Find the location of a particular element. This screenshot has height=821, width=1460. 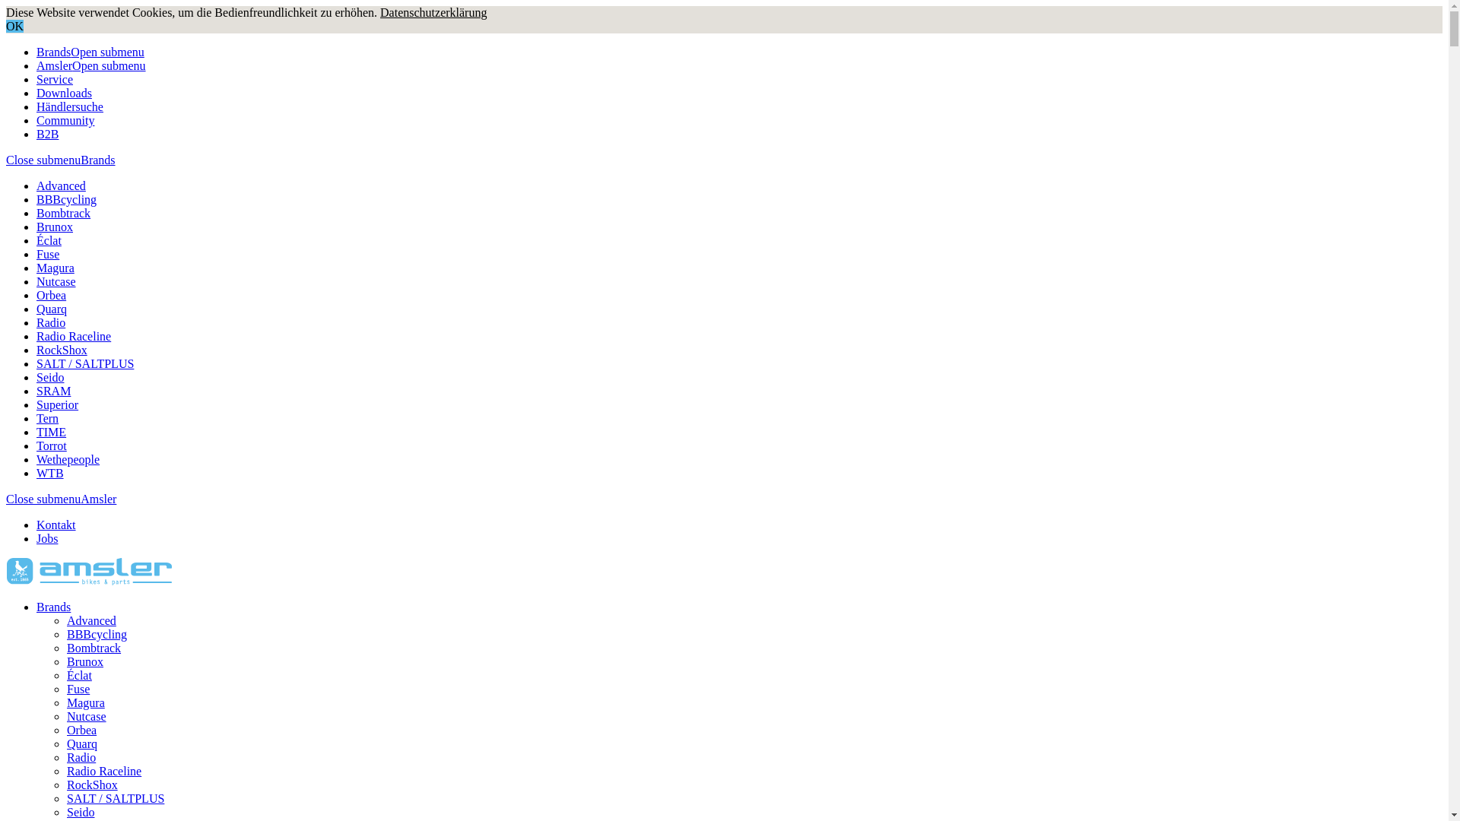

'Magura' is located at coordinates (36, 267).